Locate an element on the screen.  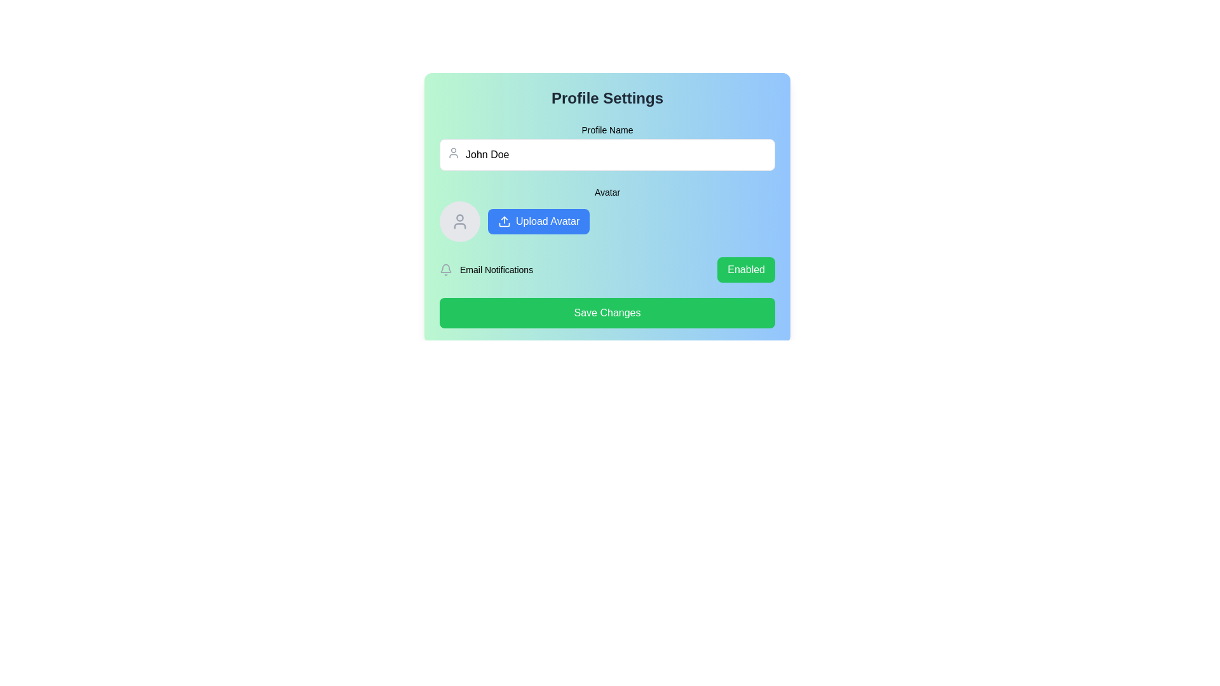
the bell-shaped icon with a gray outline located in the 'Email Notifications' section of the 'Profile Settings' form is located at coordinates (445, 269).